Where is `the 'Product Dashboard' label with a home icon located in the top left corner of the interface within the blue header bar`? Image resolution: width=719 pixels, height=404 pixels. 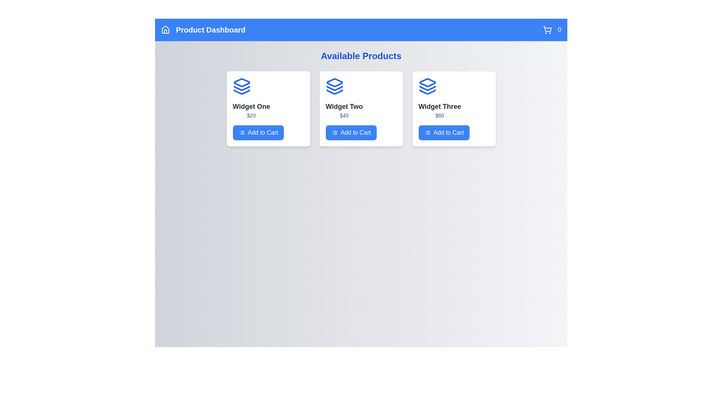
the 'Product Dashboard' label with a home icon located in the top left corner of the interface within the blue header bar is located at coordinates (203, 30).